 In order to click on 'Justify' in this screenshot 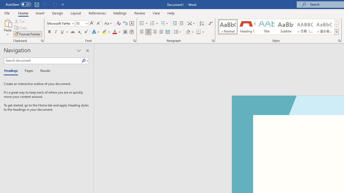, I will do `click(161, 32)`.